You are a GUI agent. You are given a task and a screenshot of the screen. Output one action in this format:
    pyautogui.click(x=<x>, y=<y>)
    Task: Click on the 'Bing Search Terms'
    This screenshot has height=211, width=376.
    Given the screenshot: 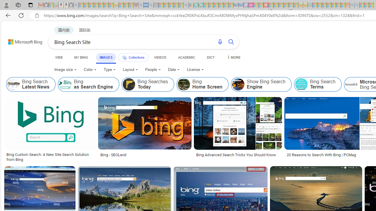 What is the action you would take?
    pyautogui.click(x=301, y=84)
    